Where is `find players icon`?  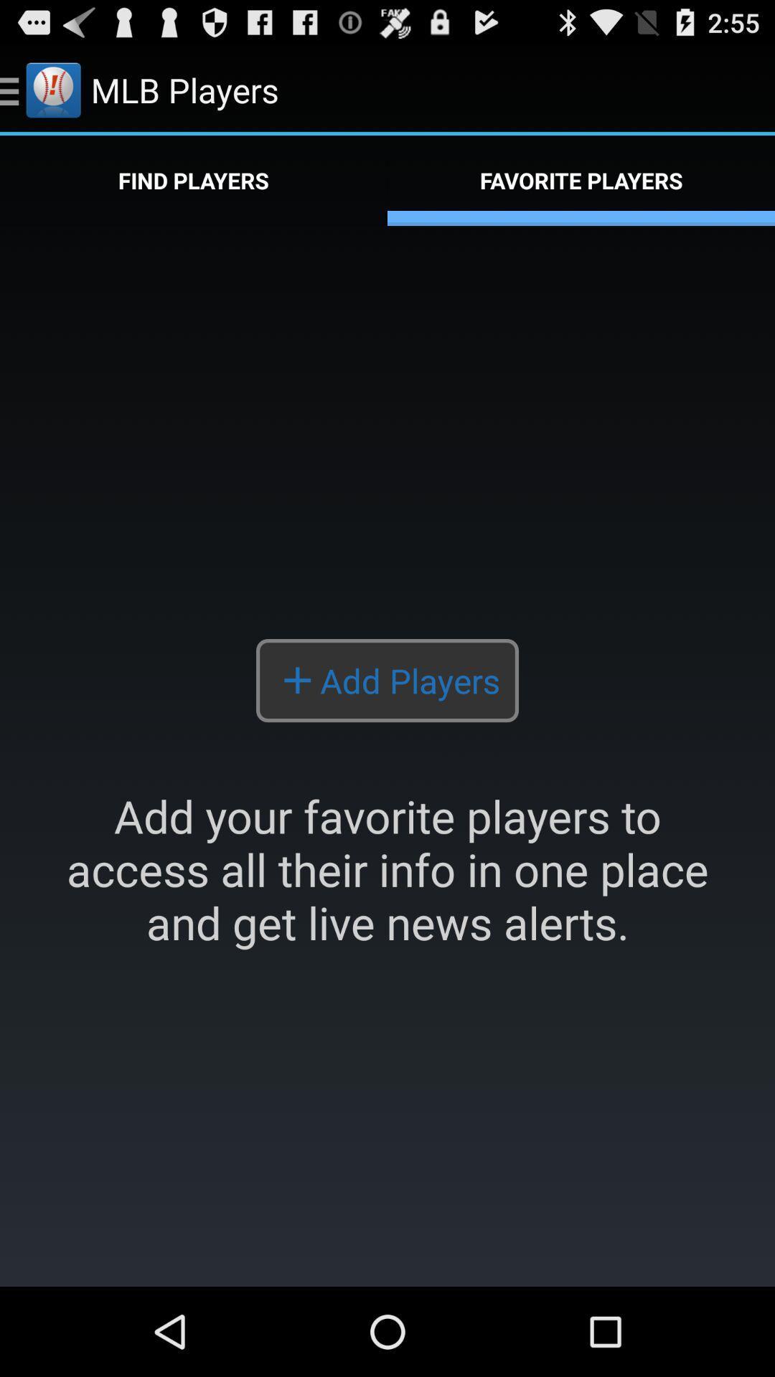
find players icon is located at coordinates (194, 180).